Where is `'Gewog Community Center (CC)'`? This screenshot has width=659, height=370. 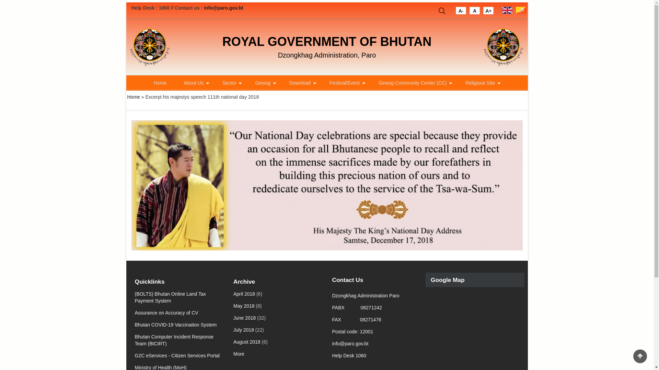
'Gewog Community Center (CC)' is located at coordinates (413, 83).